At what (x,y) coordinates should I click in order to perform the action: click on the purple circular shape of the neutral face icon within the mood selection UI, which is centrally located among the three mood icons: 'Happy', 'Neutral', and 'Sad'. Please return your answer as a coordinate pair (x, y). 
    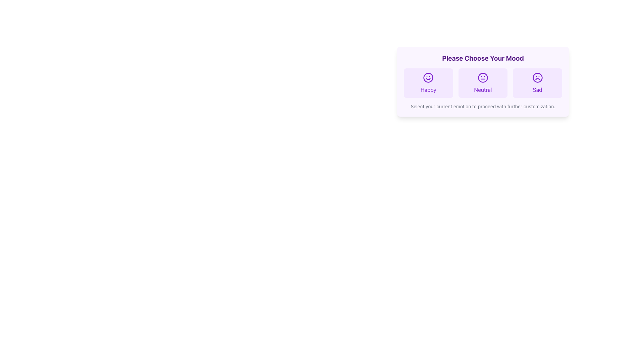
    Looking at the image, I should click on (483, 77).